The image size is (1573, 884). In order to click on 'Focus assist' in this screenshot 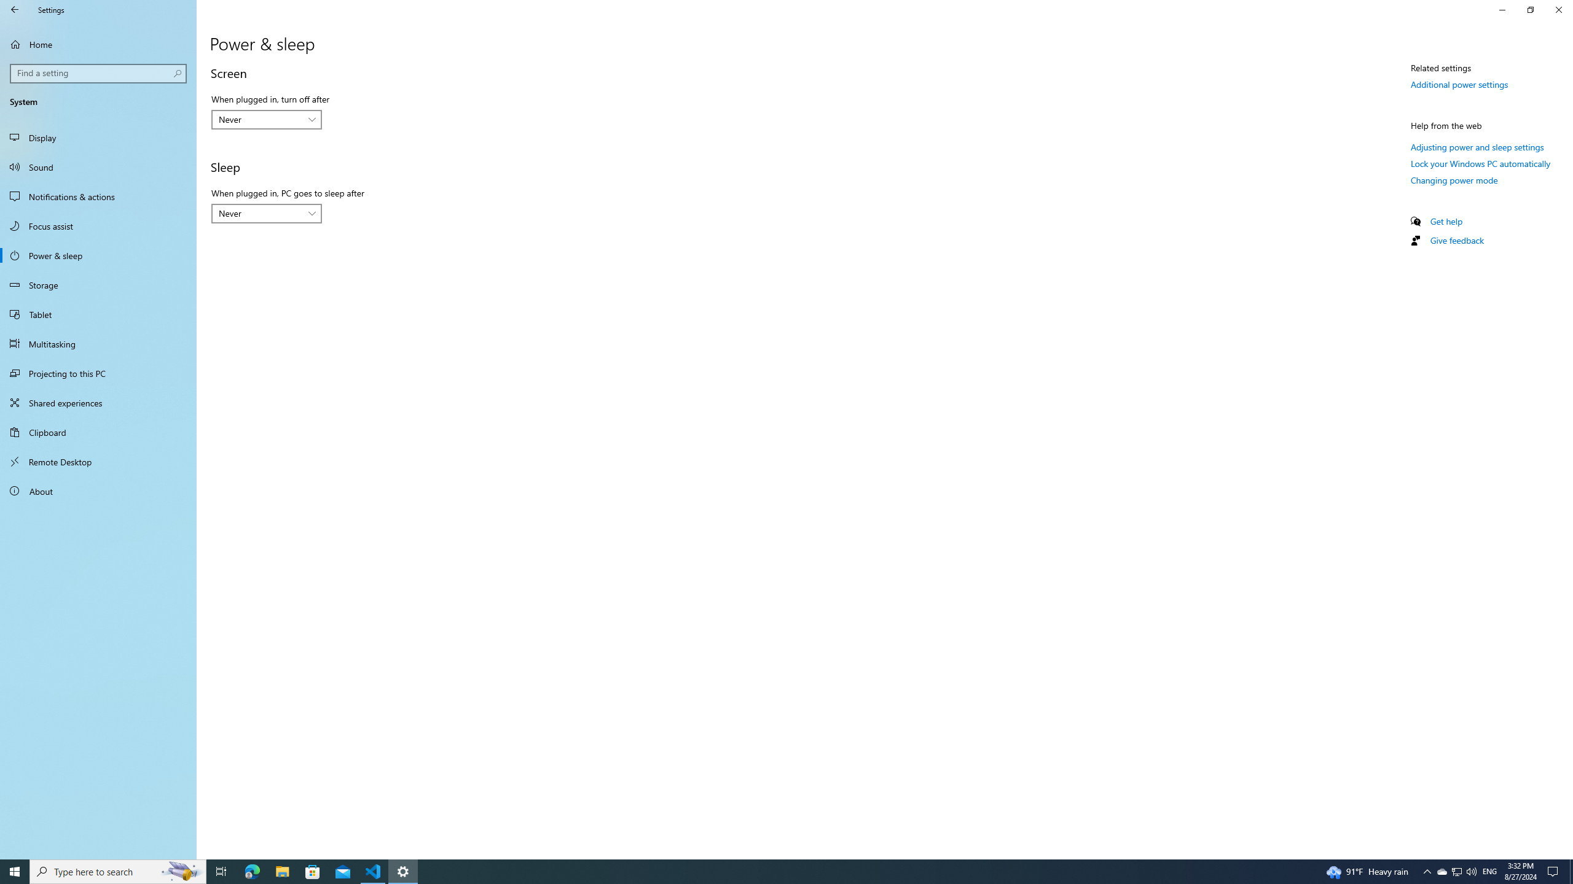, I will do `click(98, 225)`.